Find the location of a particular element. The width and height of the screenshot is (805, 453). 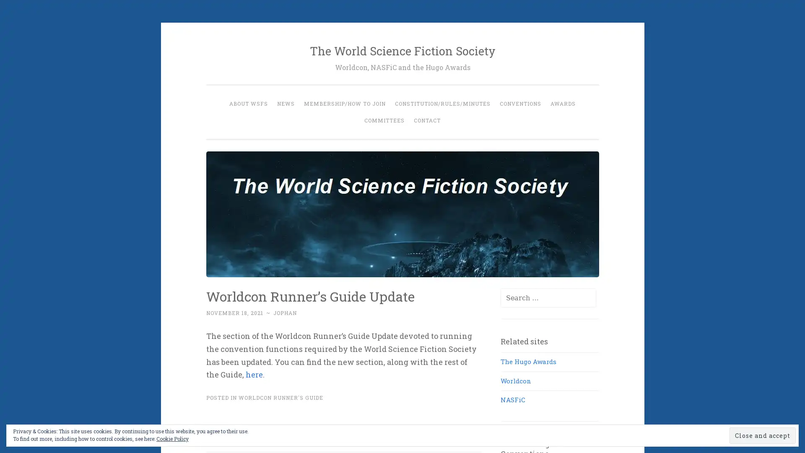

Close and accept is located at coordinates (763, 435).